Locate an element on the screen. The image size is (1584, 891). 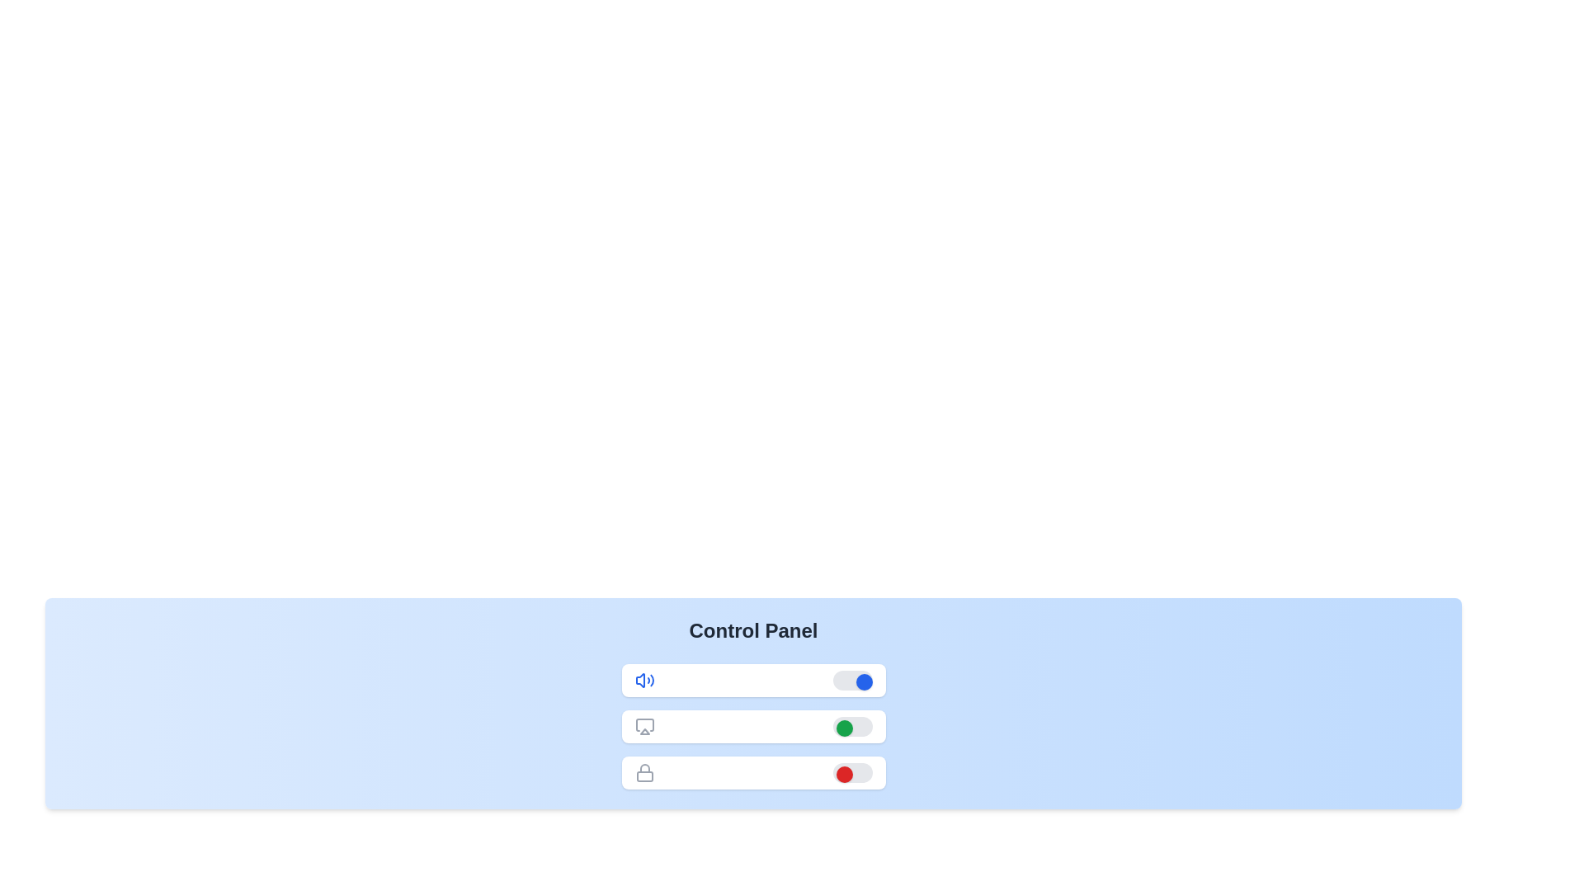
the outermost sound wave icon of the speaker graphic is located at coordinates (651, 681).